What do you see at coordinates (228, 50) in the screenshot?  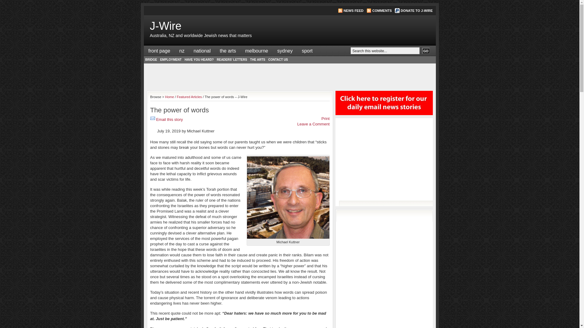 I see `'the arts'` at bounding box center [228, 50].